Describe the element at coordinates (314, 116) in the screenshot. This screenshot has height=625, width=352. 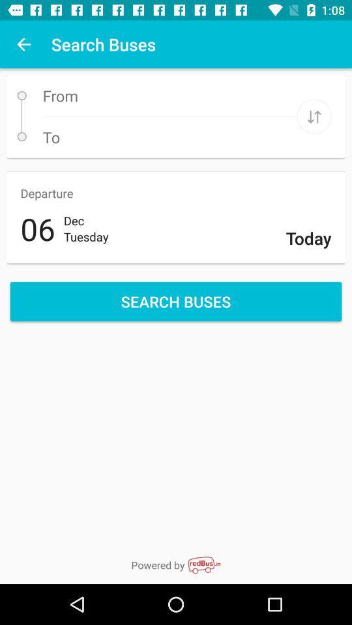
I see `item at the top right corner` at that location.